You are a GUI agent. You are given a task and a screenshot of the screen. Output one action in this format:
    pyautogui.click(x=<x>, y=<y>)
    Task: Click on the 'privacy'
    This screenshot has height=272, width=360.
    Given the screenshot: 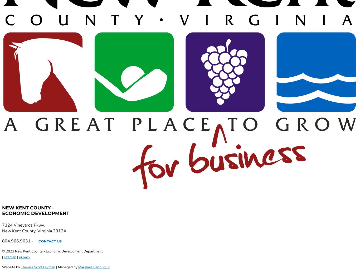 What is the action you would take?
    pyautogui.click(x=25, y=257)
    